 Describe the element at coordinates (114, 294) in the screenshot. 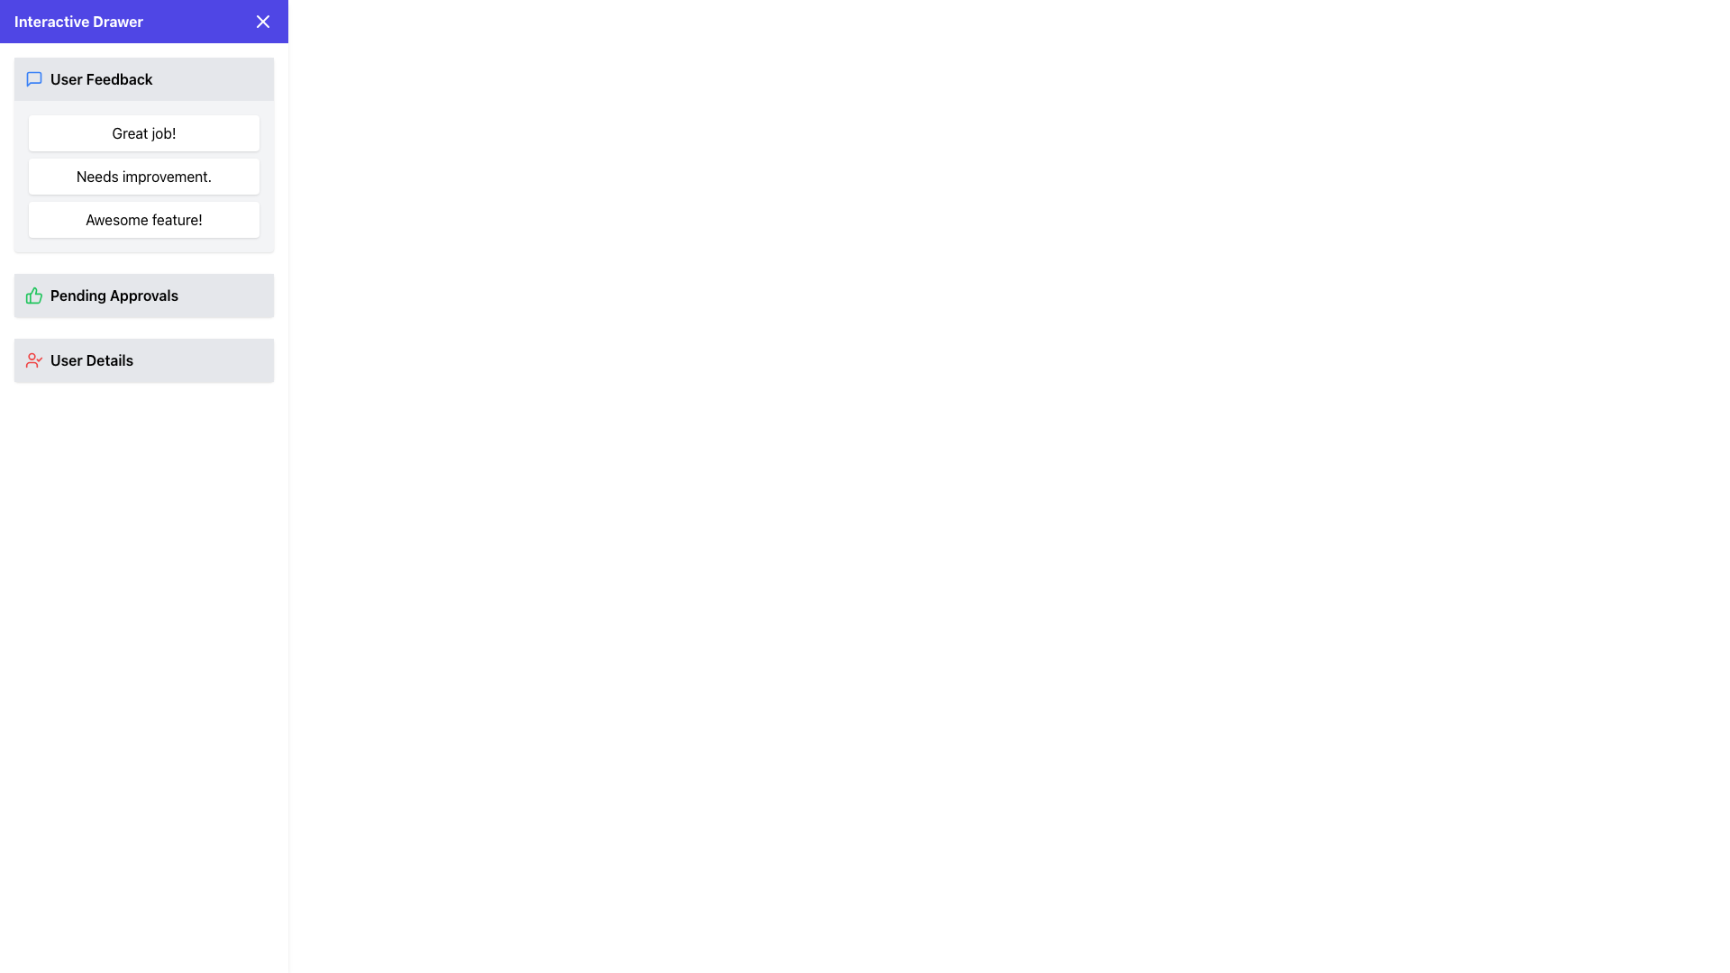

I see `the 'Pending Approvals' static text label located in the sidebar menu, positioned between 'User Feedback' and 'User Details'` at that location.